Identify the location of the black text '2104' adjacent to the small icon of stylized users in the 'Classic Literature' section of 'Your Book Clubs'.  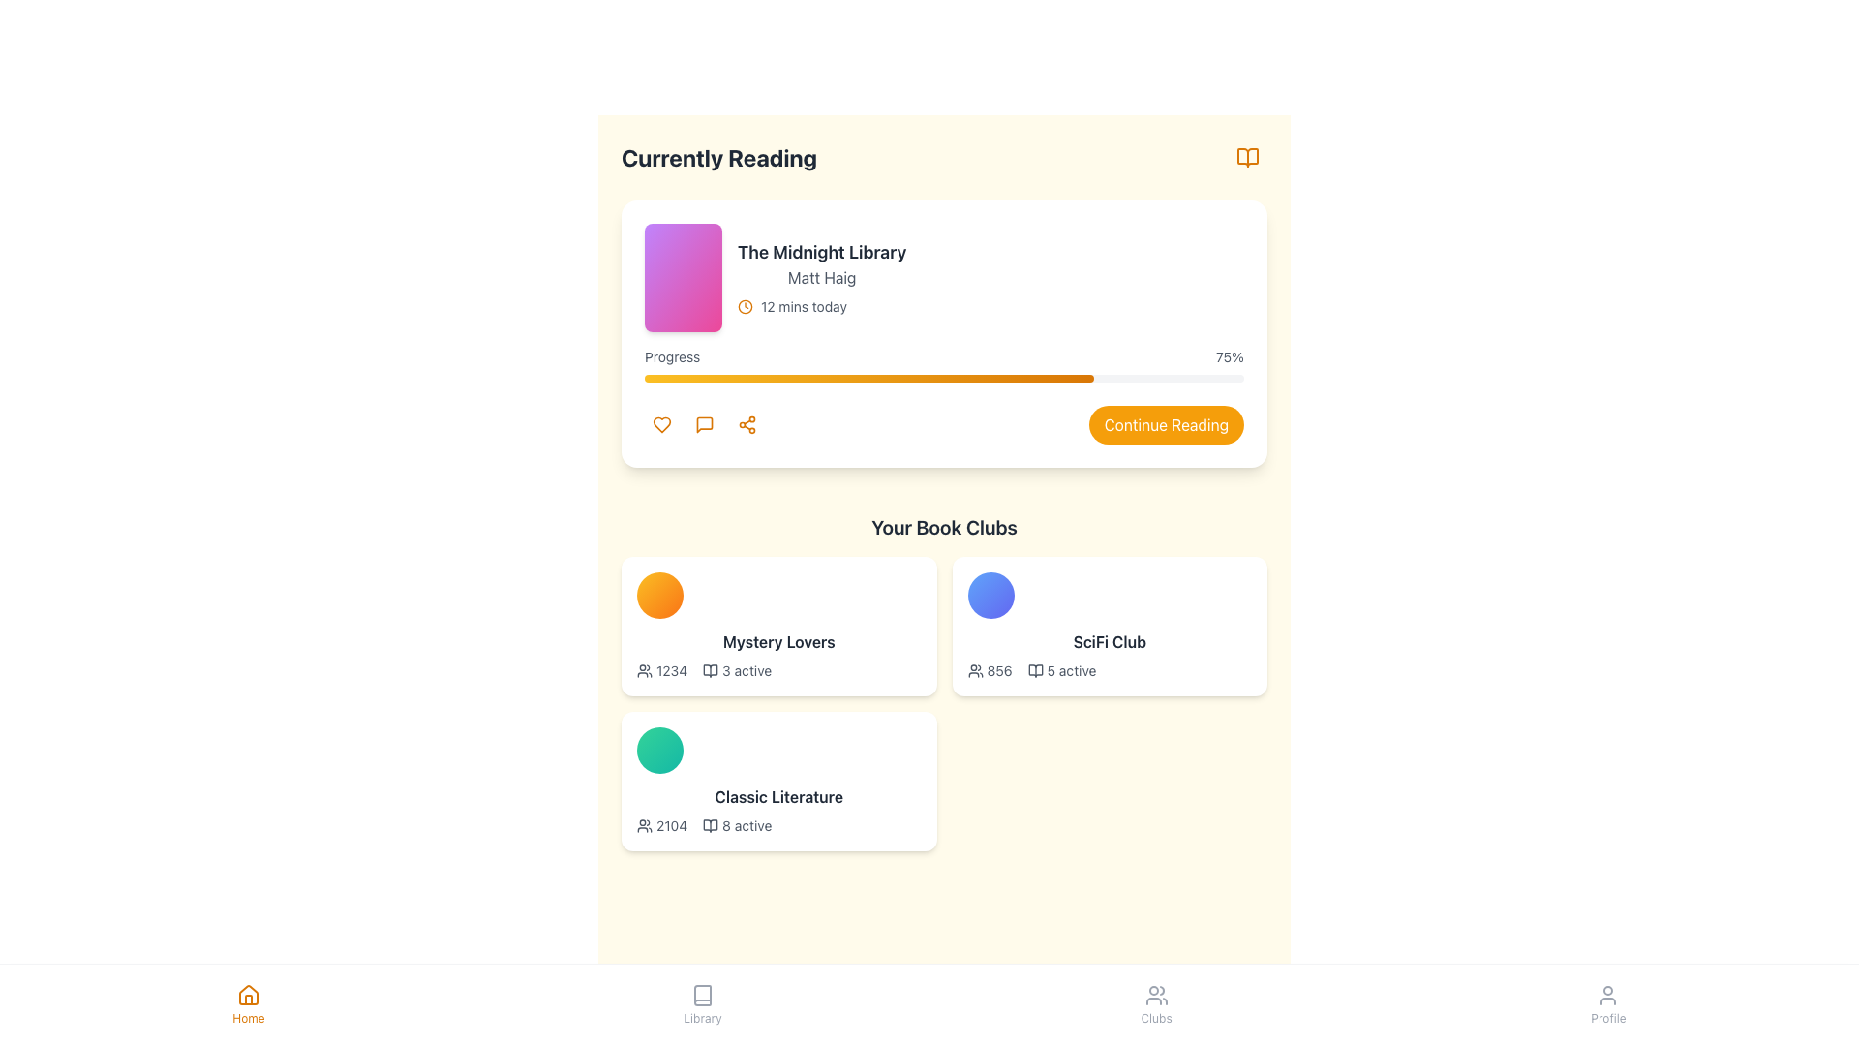
(662, 825).